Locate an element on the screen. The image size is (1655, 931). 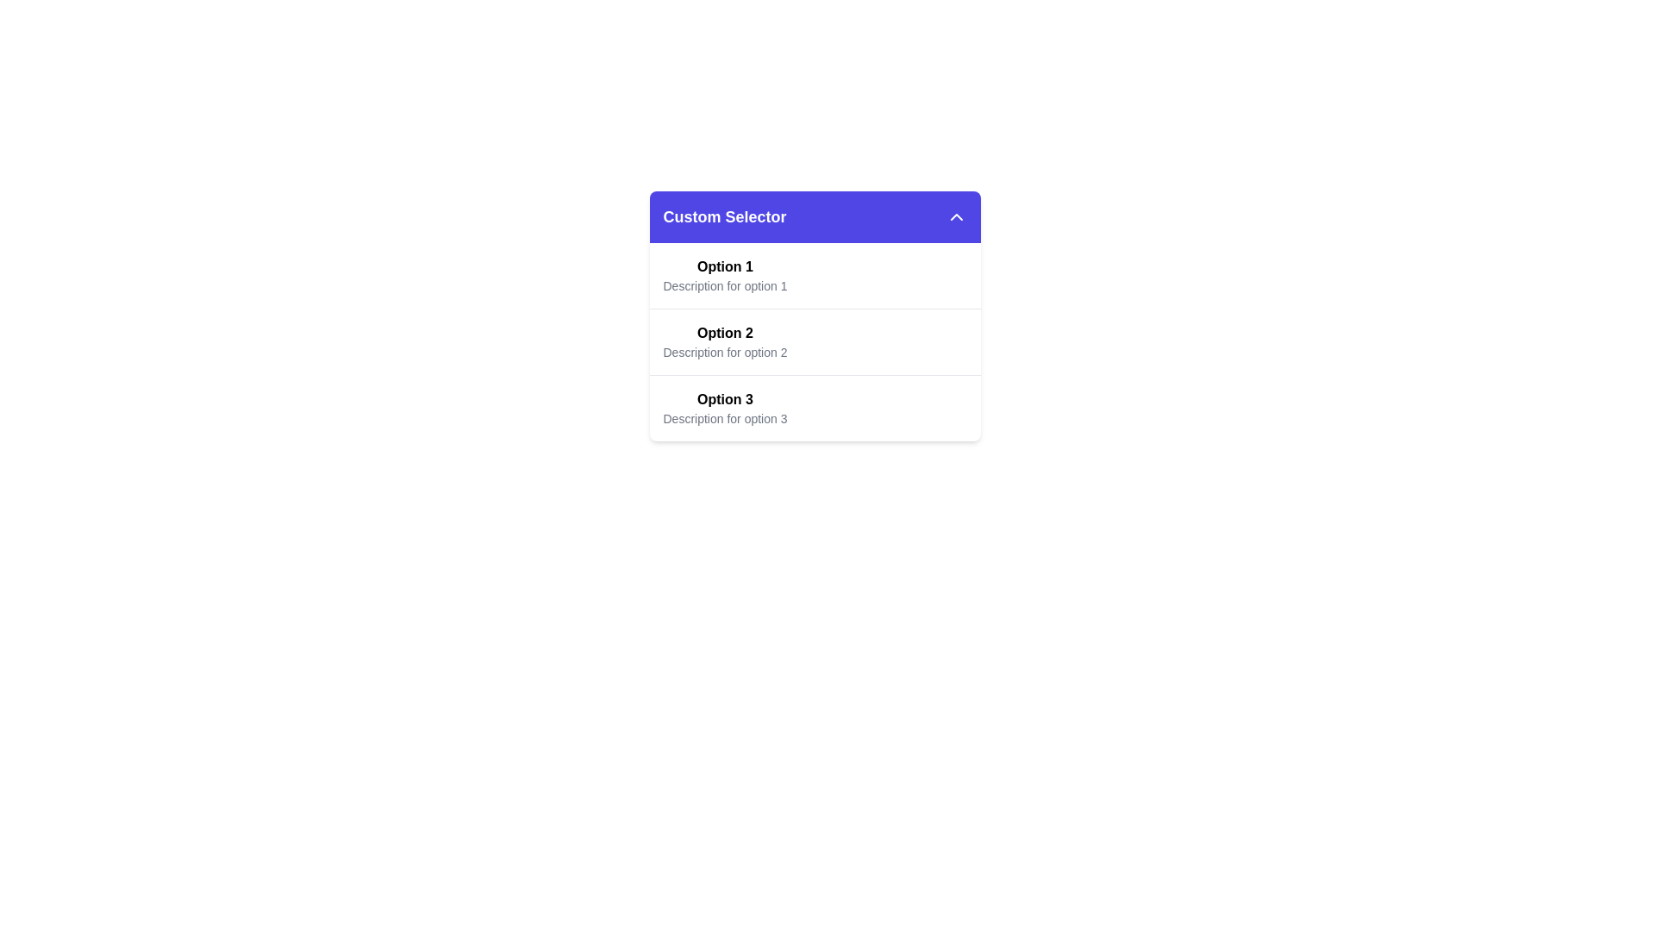
the first option in the dropdown list under the header 'Custom Selector' is located at coordinates (725, 275).